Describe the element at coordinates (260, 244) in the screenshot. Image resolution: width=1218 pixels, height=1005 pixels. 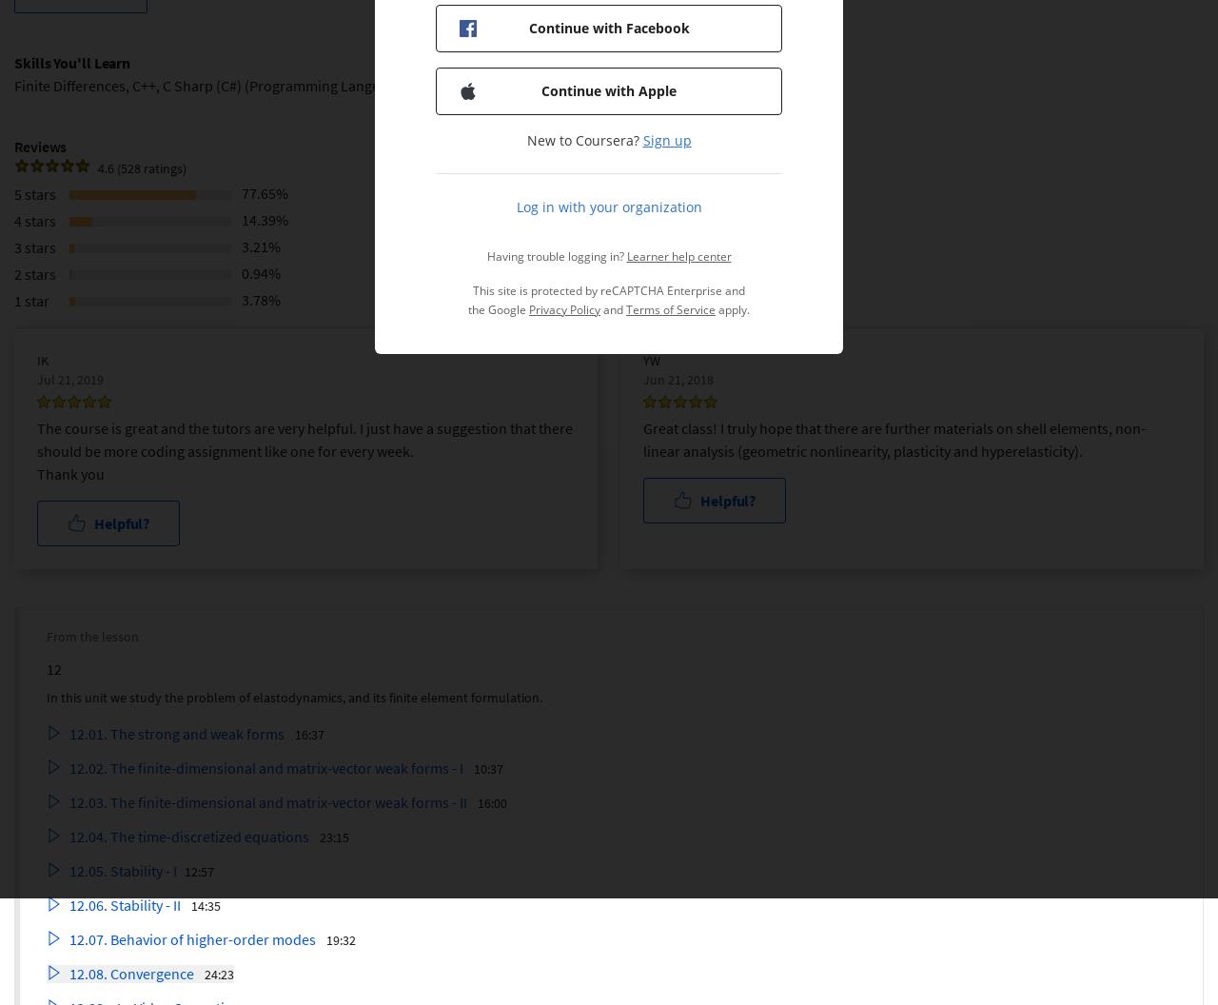
I see `'3.21%'` at that location.